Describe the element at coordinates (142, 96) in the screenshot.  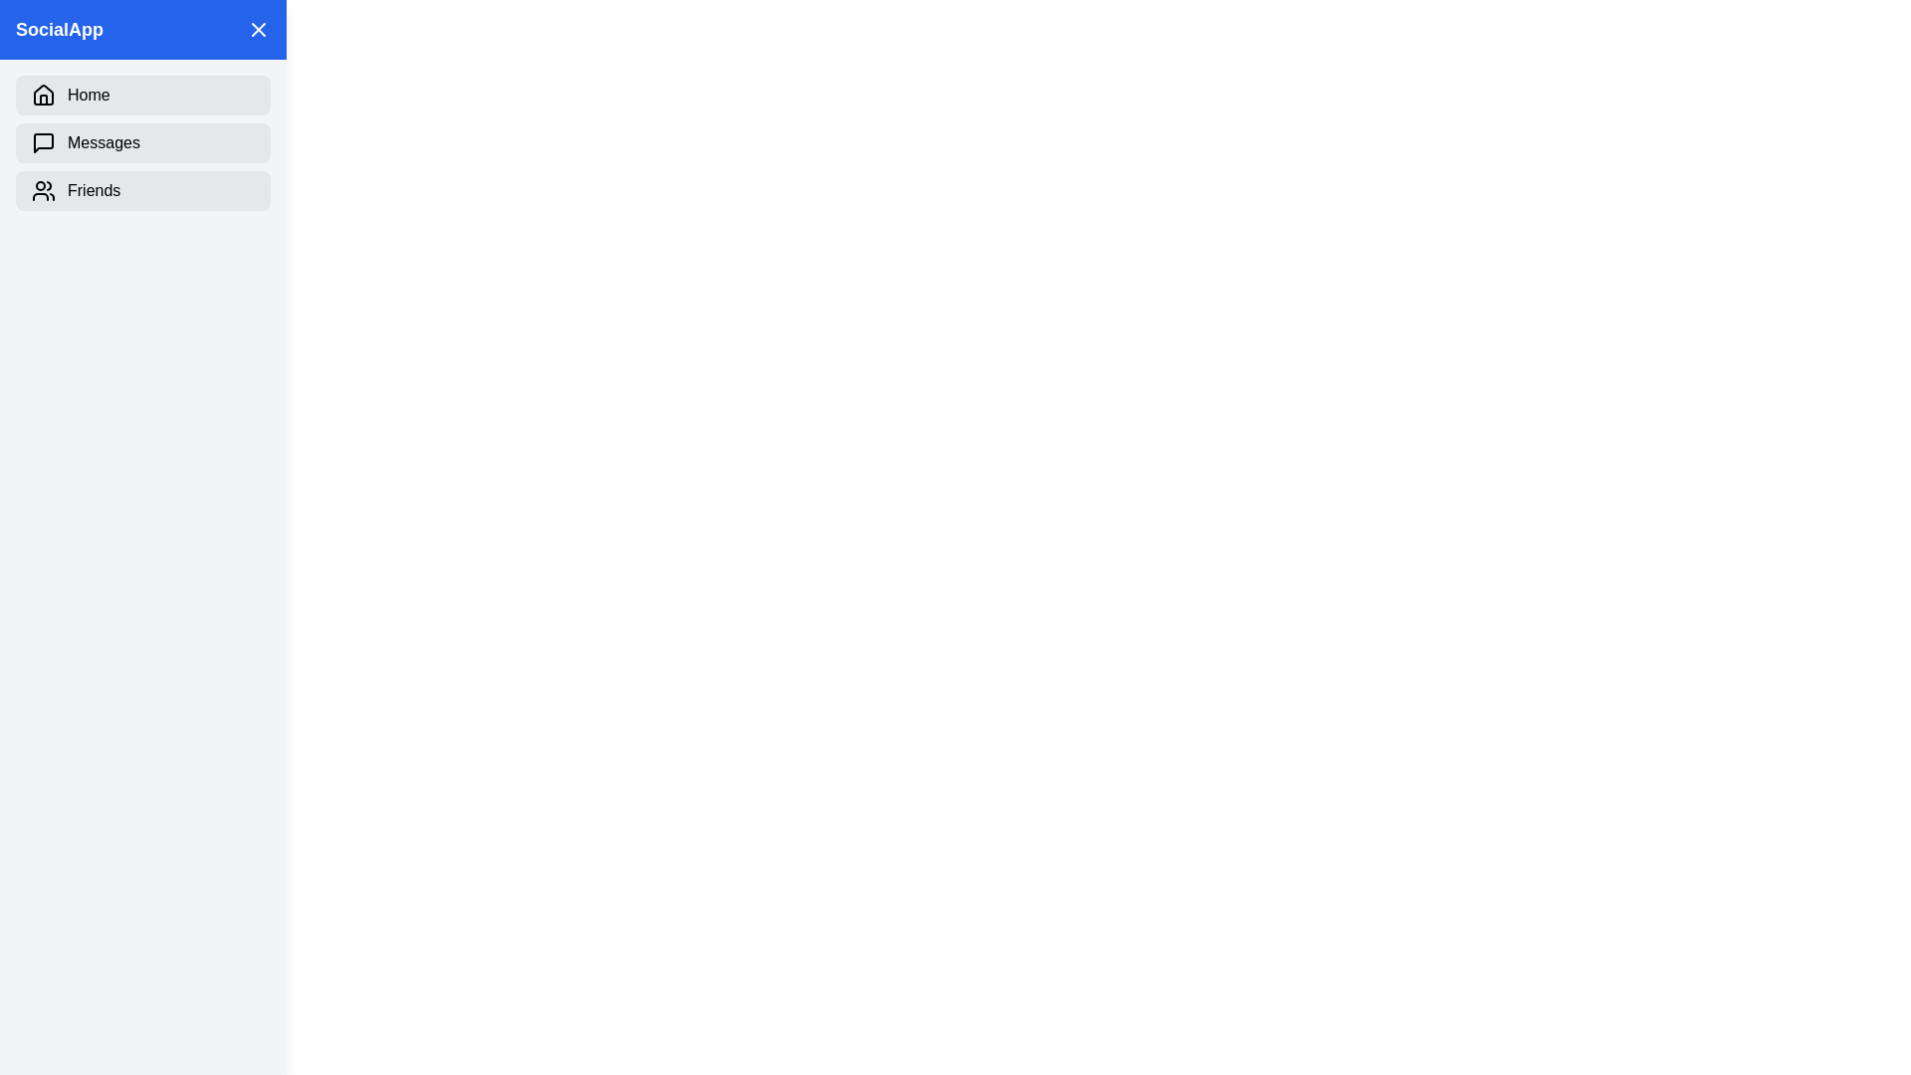
I see `the navigation item Home in the sidebar` at that location.